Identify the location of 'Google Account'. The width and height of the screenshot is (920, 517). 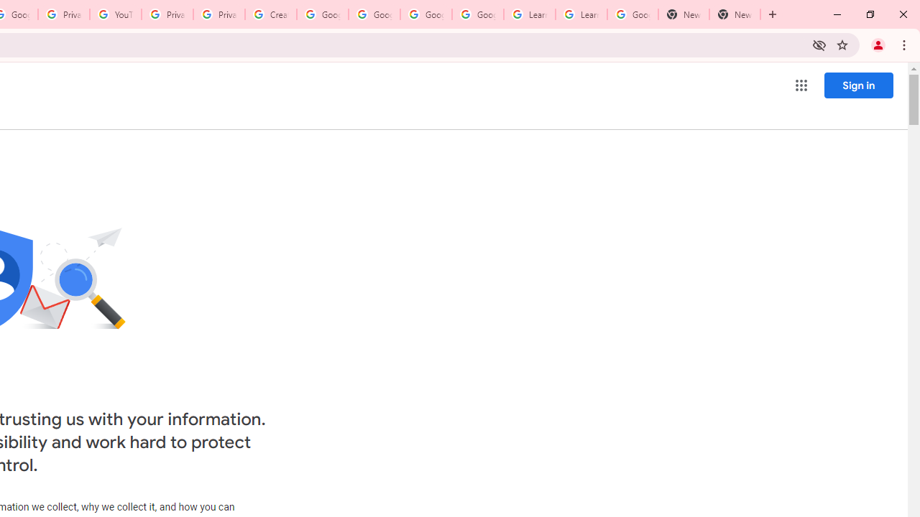
(632, 14).